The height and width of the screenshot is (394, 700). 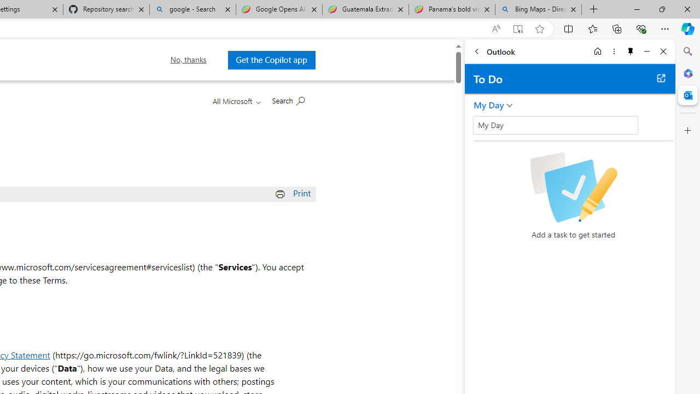 What do you see at coordinates (294, 192) in the screenshot?
I see `'Print'` at bounding box center [294, 192].